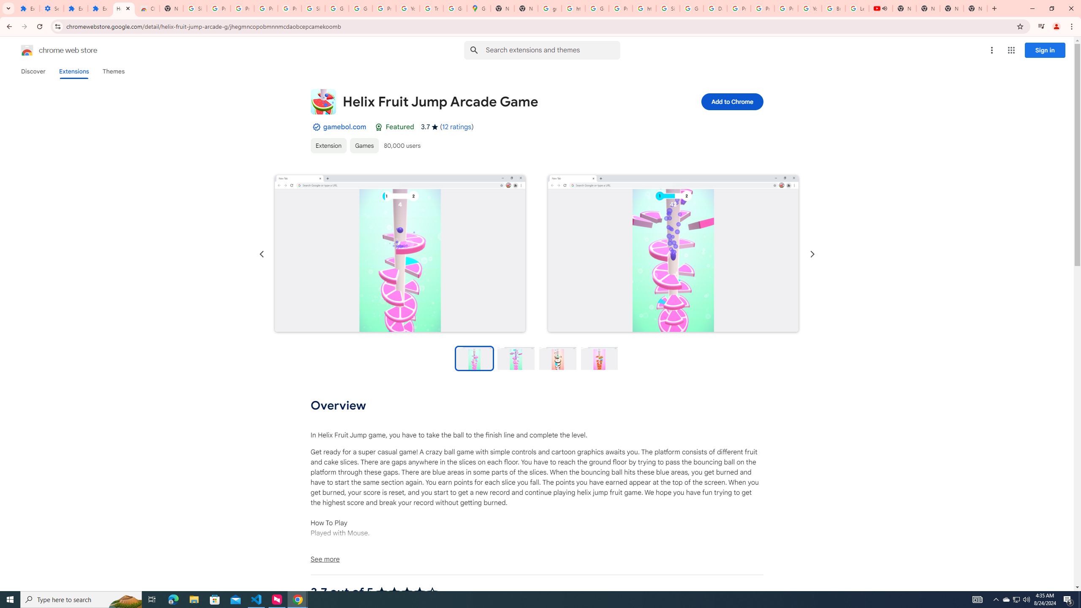  What do you see at coordinates (456, 126) in the screenshot?
I see `'12 ratings'` at bounding box center [456, 126].